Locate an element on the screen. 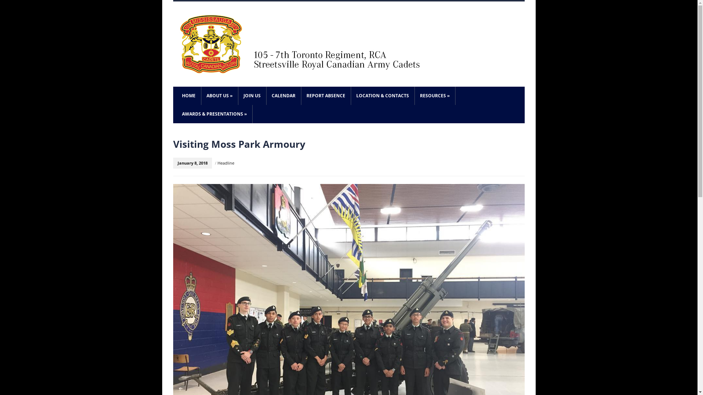 This screenshot has height=395, width=703. 'REPORT ABSENCE' is located at coordinates (301, 95).